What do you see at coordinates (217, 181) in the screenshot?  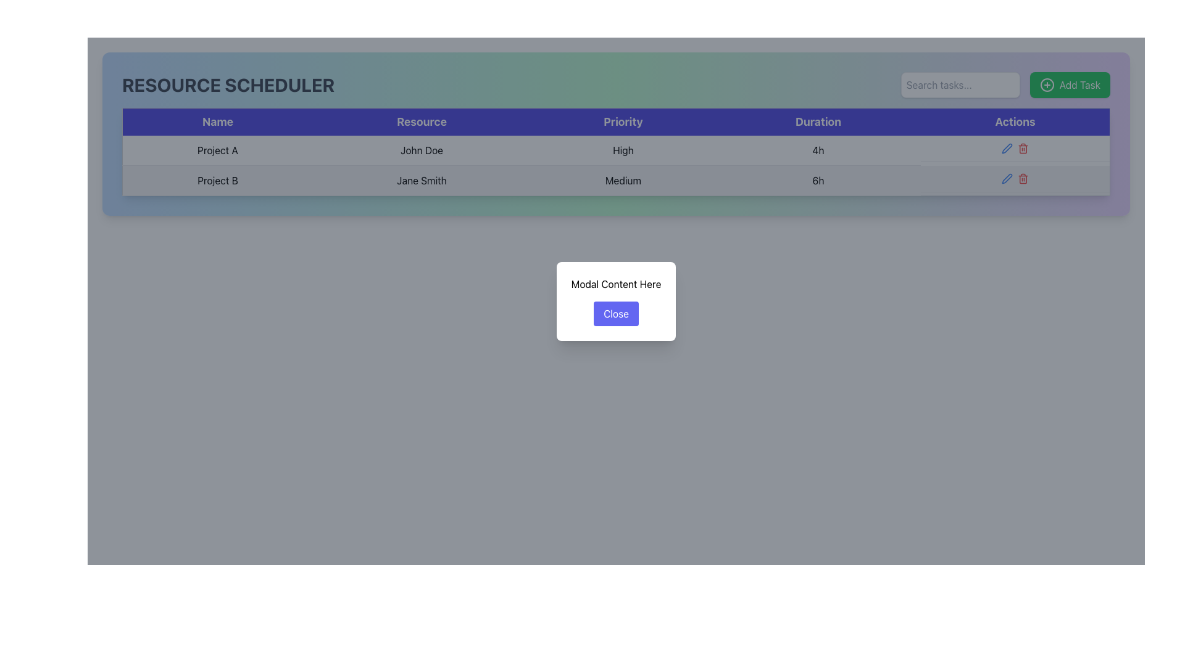 I see `text content of the first column in the second row of the scheduler table, which identifies the project resource` at bounding box center [217, 181].